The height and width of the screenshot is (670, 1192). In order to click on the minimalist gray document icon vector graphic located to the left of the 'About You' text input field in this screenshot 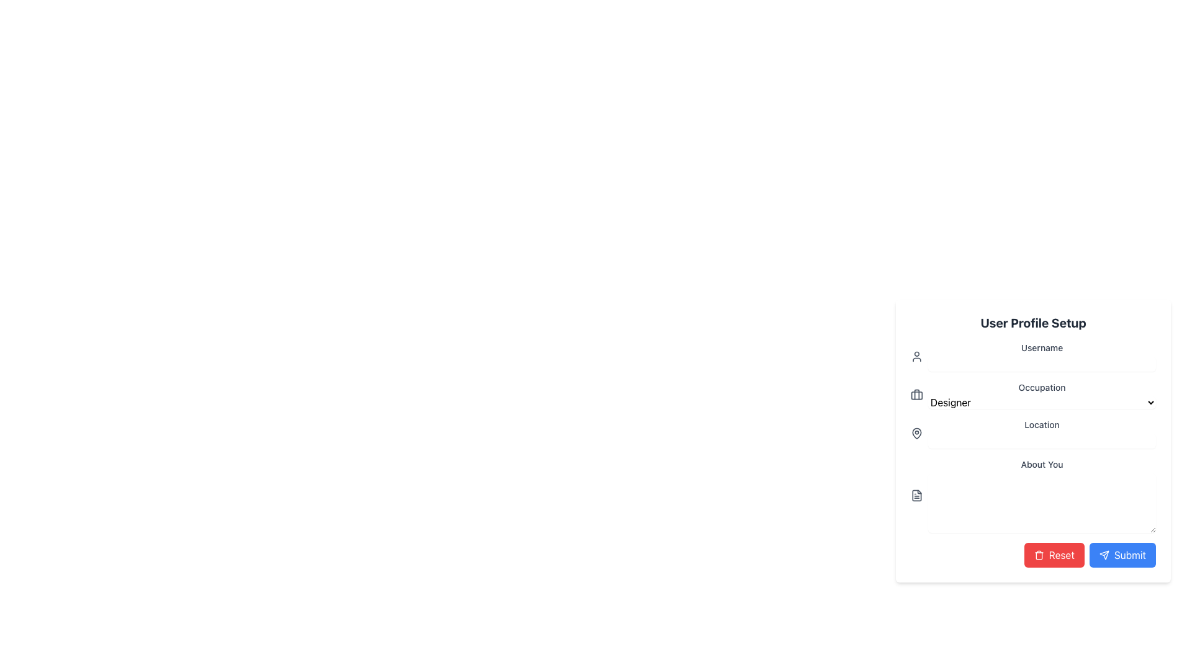, I will do `click(917, 494)`.